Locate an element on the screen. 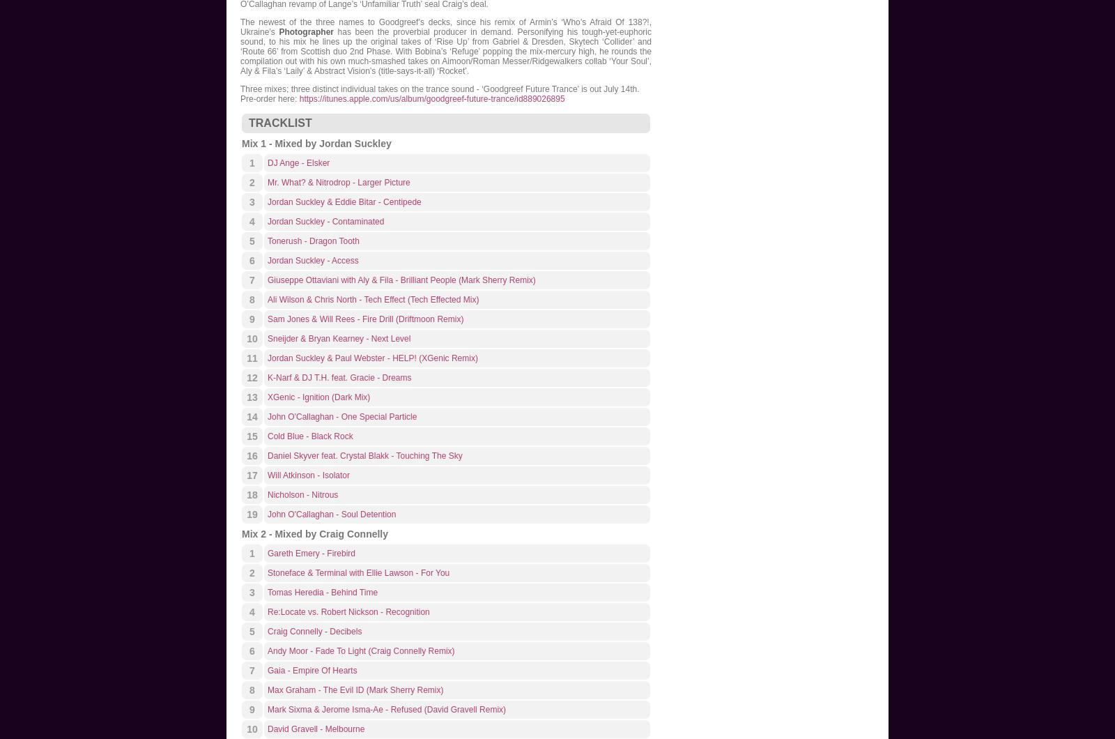 The height and width of the screenshot is (739, 1115). 'Ali Wilson & Chris North - Tech Effect (Tech Effected Mix)' is located at coordinates (372, 299).